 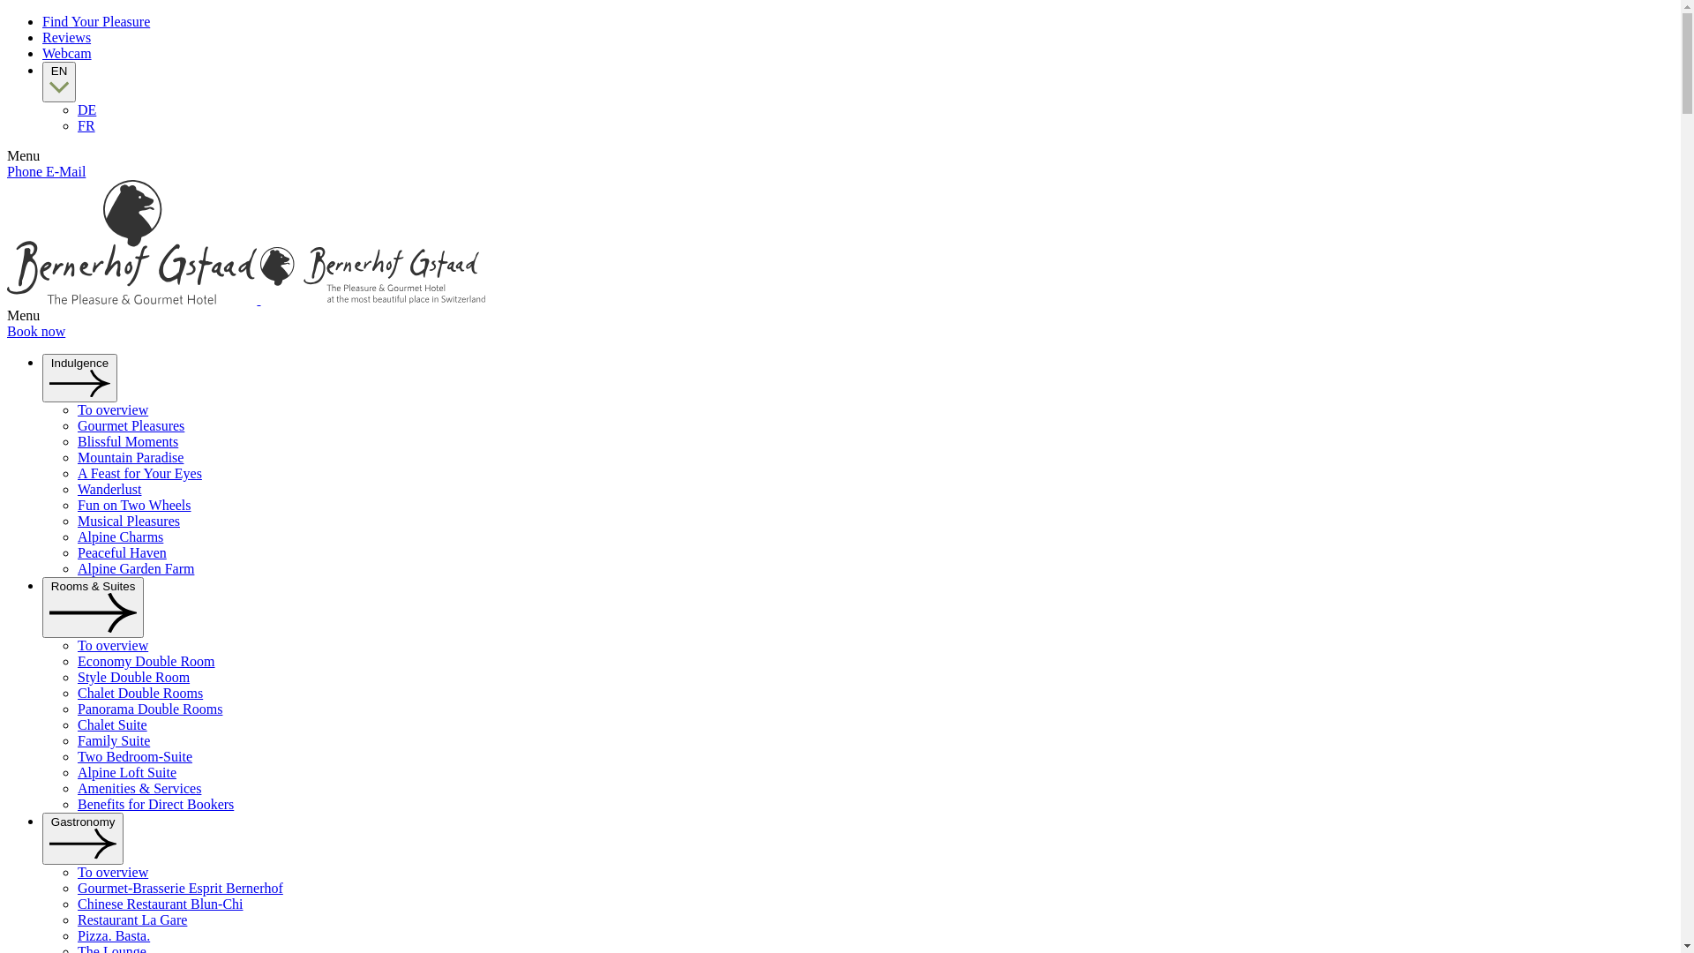 What do you see at coordinates (26, 171) in the screenshot?
I see `'Phone'` at bounding box center [26, 171].